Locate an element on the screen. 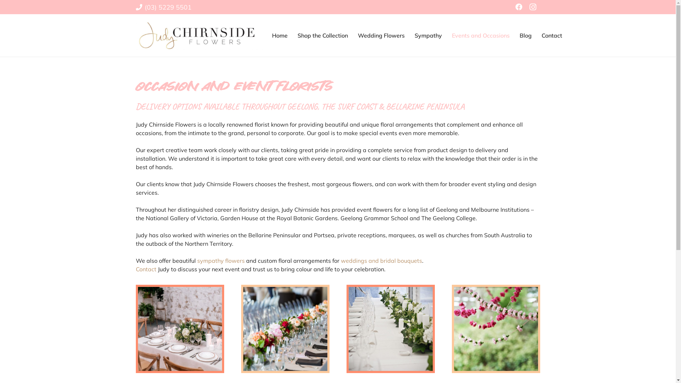  'weddings and bridal bouquets' is located at coordinates (340, 261).